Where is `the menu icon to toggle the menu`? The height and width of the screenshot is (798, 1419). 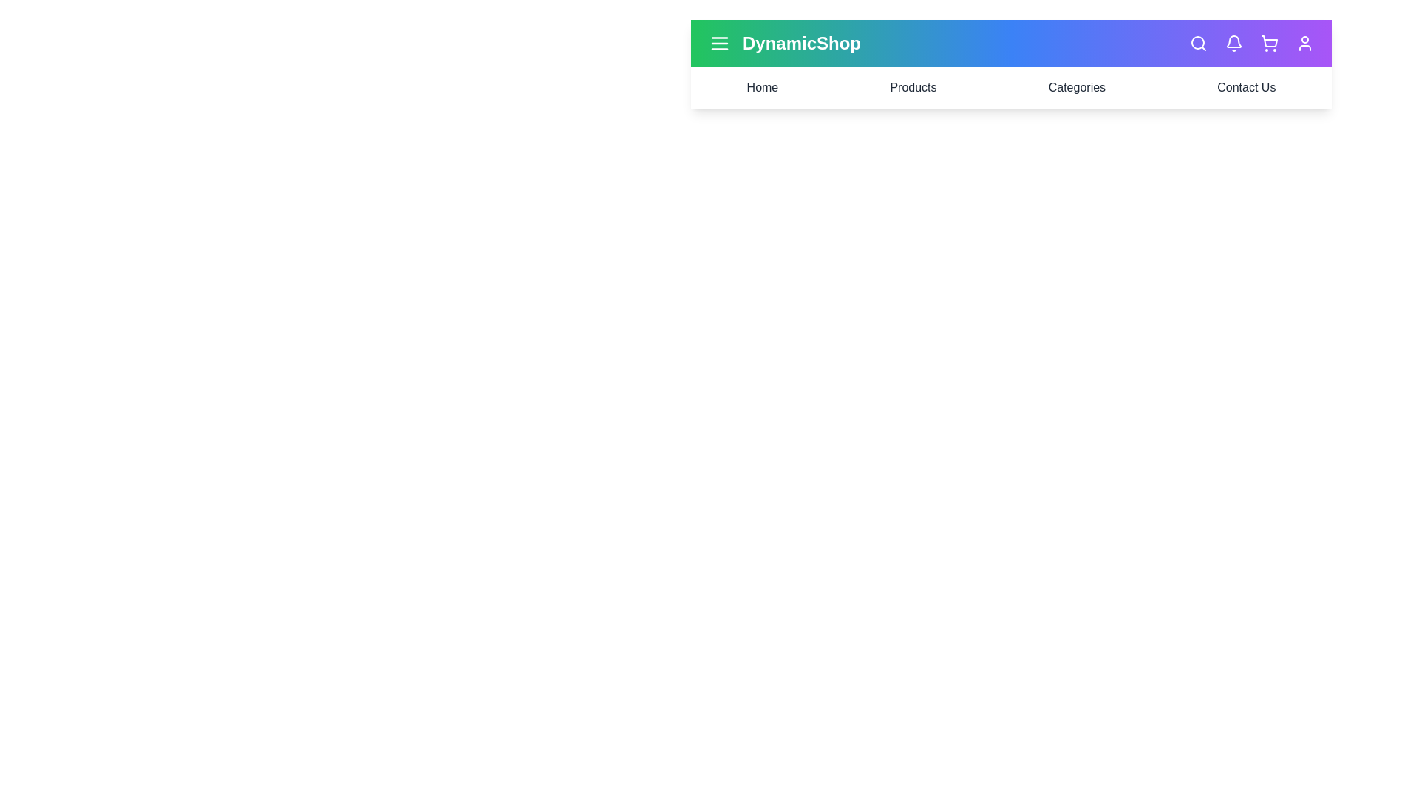
the menu icon to toggle the menu is located at coordinates (720, 42).